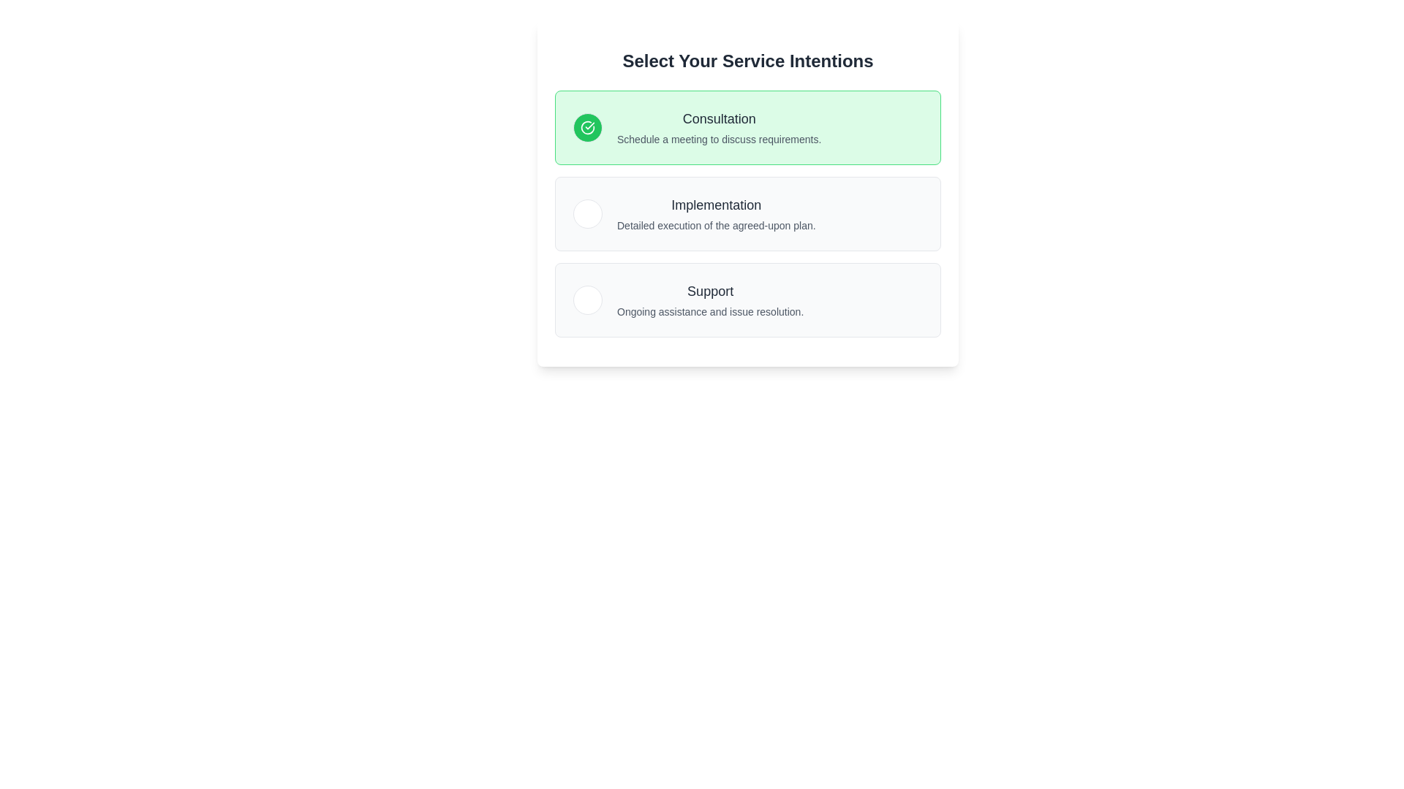 The image size is (1404, 789). Describe the element at coordinates (588, 214) in the screenshot. I see `the circular white button with a thin gray border located in the 'Implementation' section, which is the second button in a vertical list of buttons` at that location.